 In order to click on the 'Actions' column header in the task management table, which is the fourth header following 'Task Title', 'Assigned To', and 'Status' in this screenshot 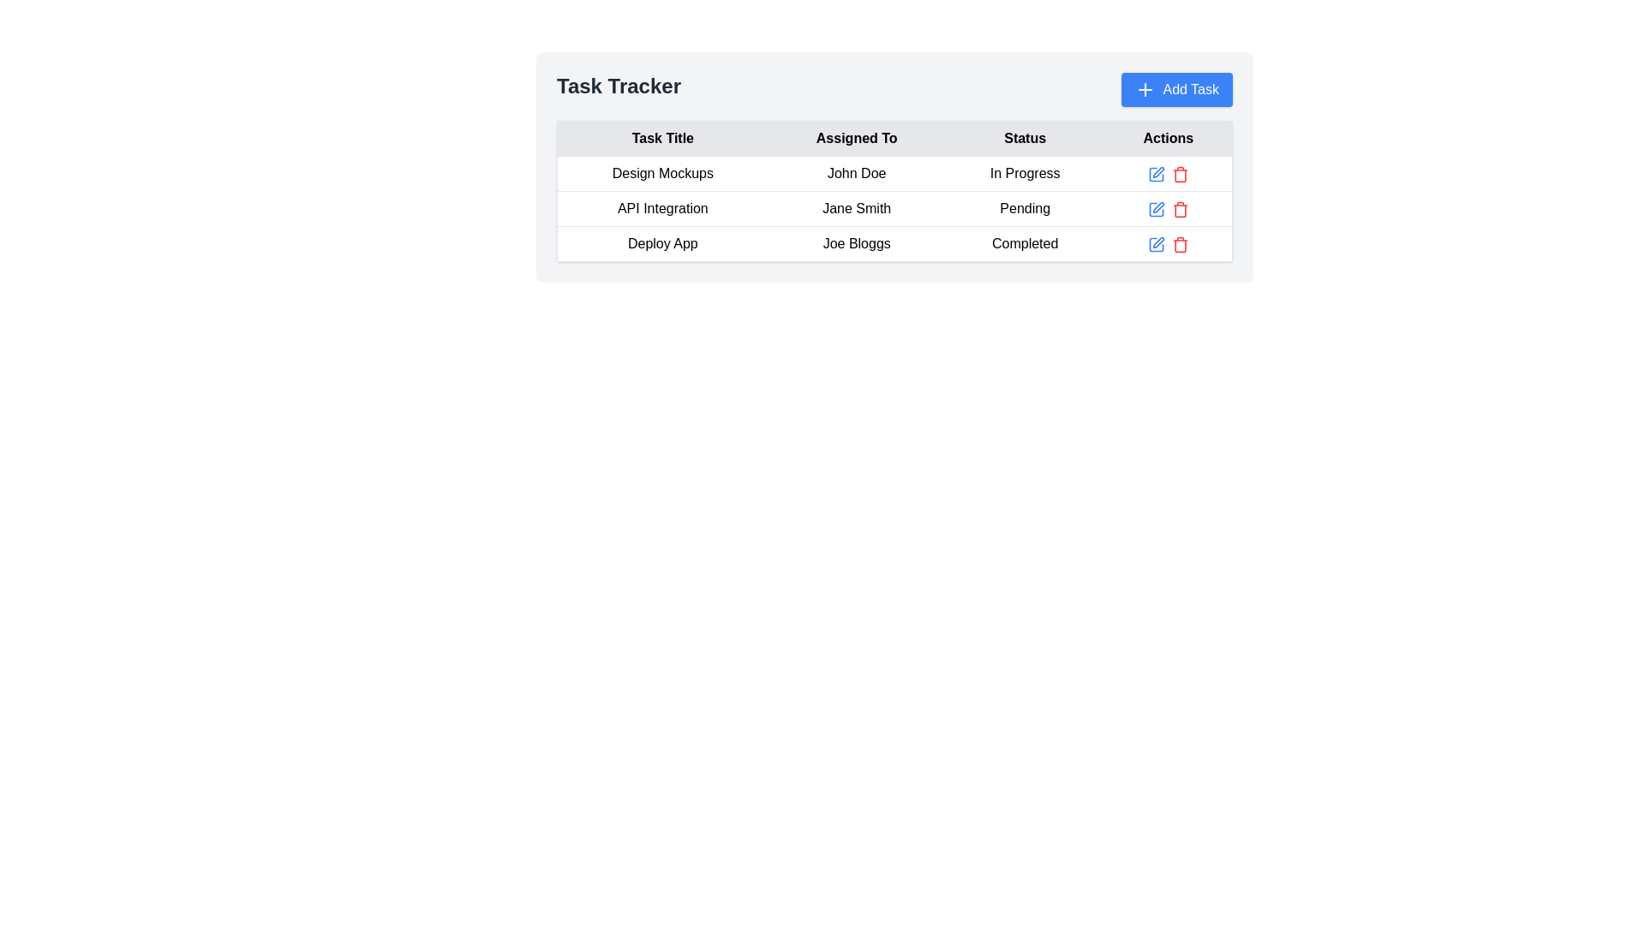, I will do `click(1167, 138)`.